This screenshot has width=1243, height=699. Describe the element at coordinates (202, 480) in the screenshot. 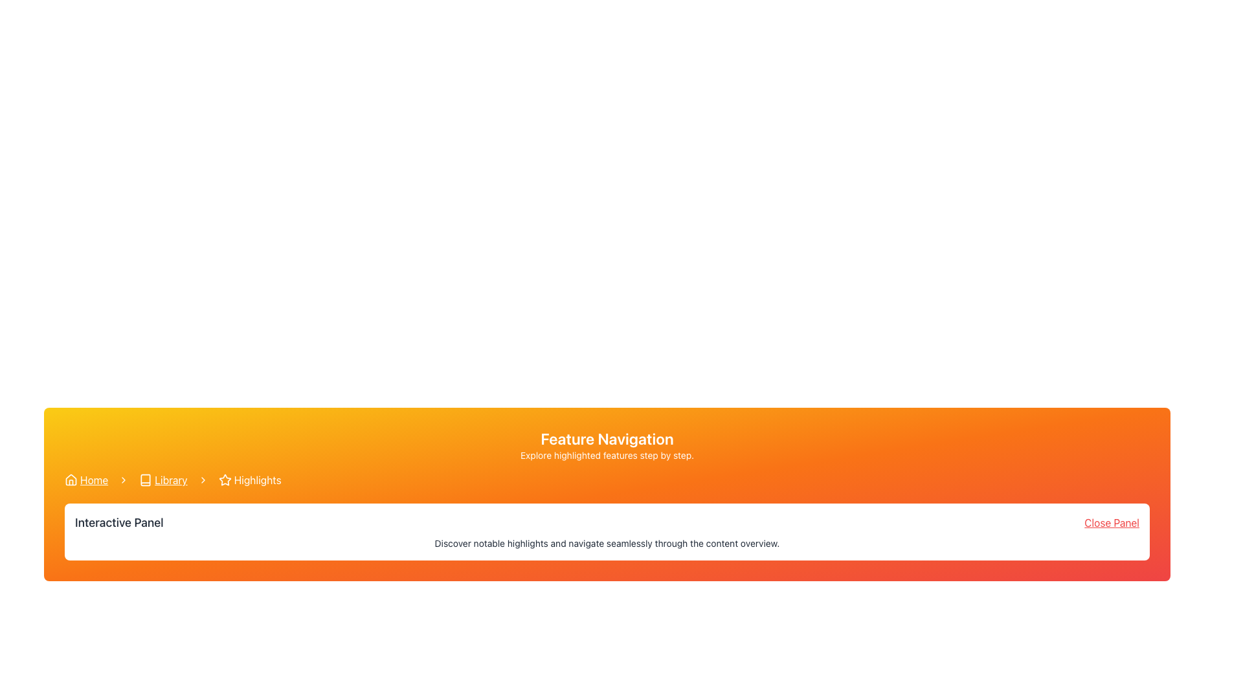

I see `the third chevron icon in the breadcrumb navigation bar that separates 'Library' and 'Highlights'` at that location.